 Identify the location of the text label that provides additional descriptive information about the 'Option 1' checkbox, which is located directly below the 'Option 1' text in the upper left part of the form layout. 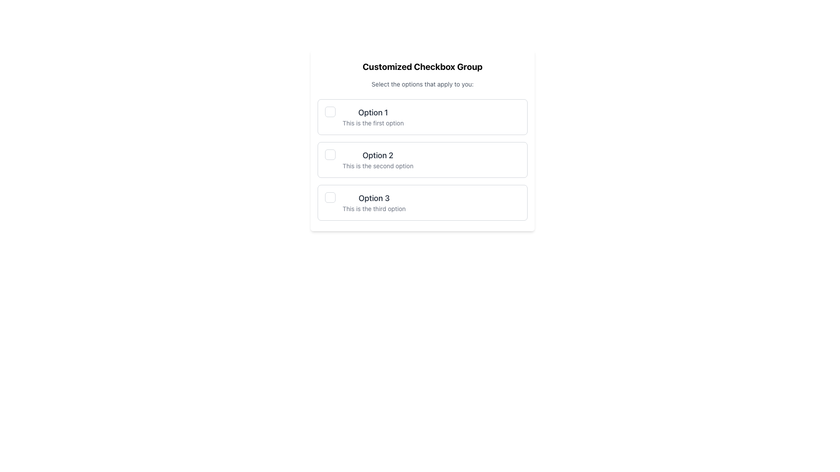
(373, 123).